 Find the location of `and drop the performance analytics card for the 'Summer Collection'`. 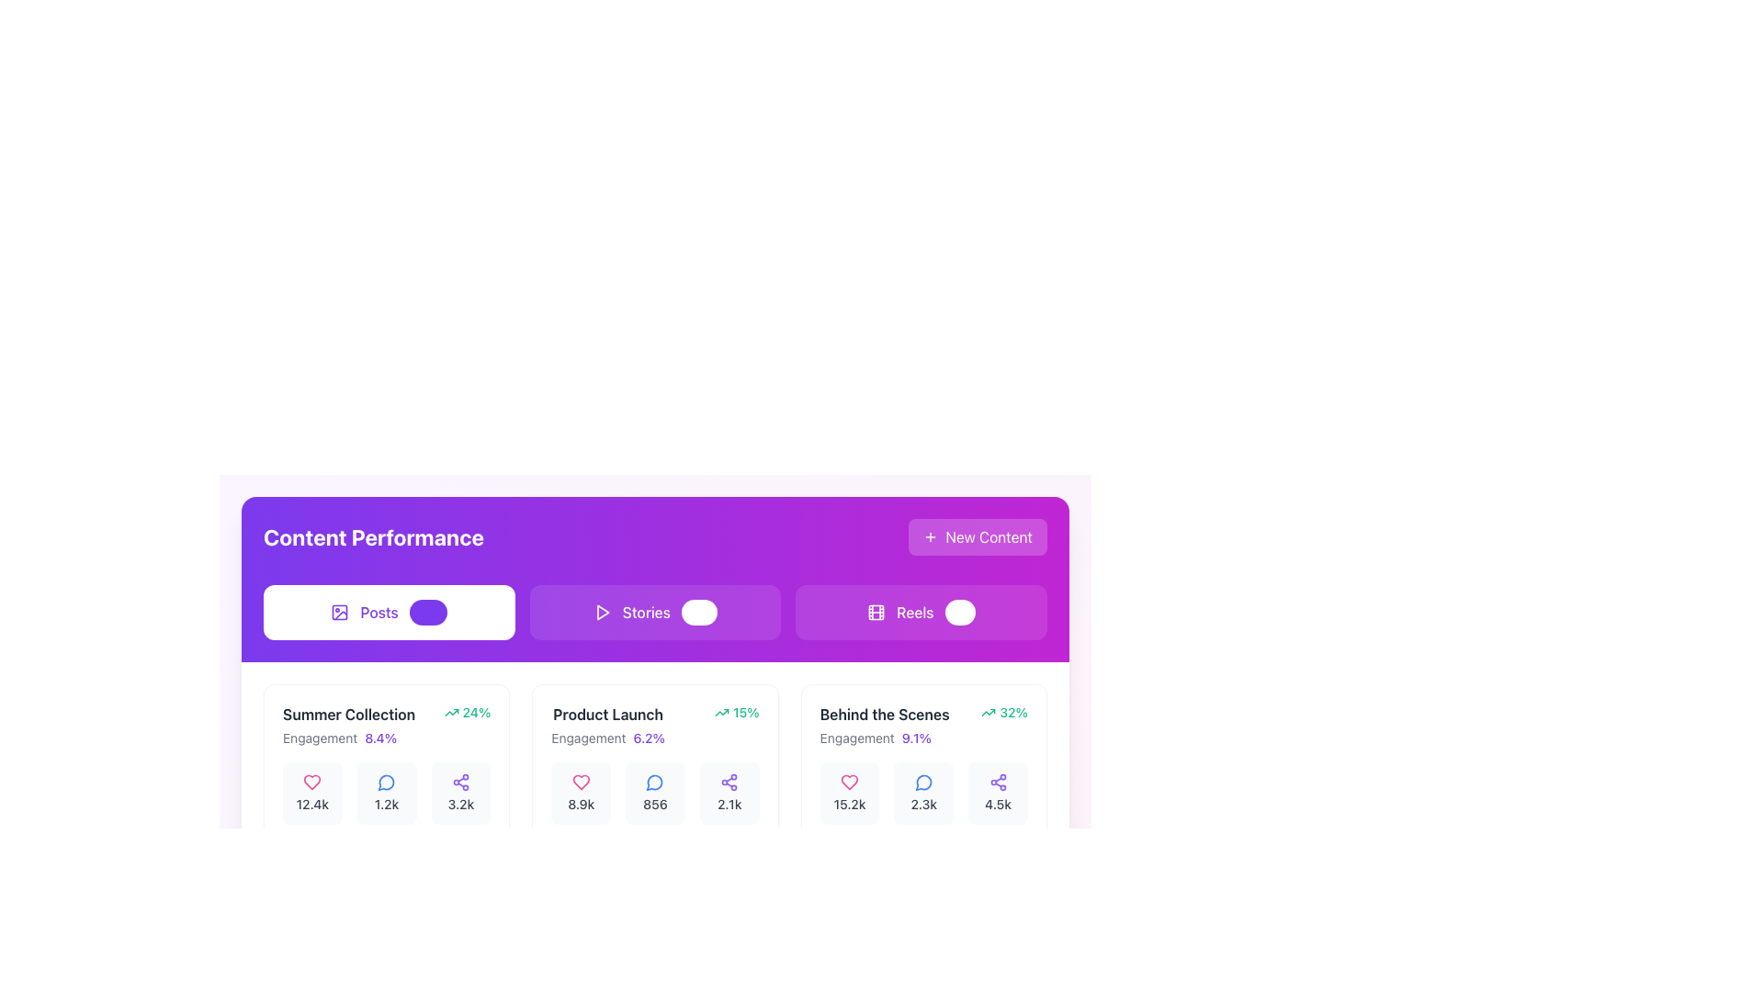

and drop the performance analytics card for the 'Summer Collection' is located at coordinates (386, 772).